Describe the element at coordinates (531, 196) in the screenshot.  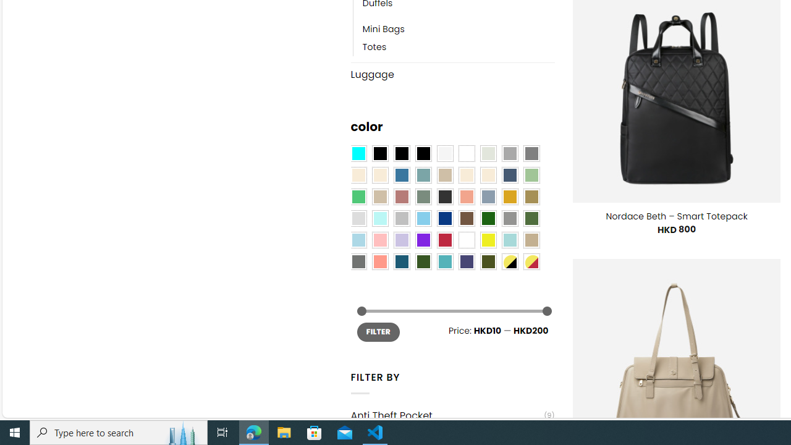
I see `'Kelp'` at that location.